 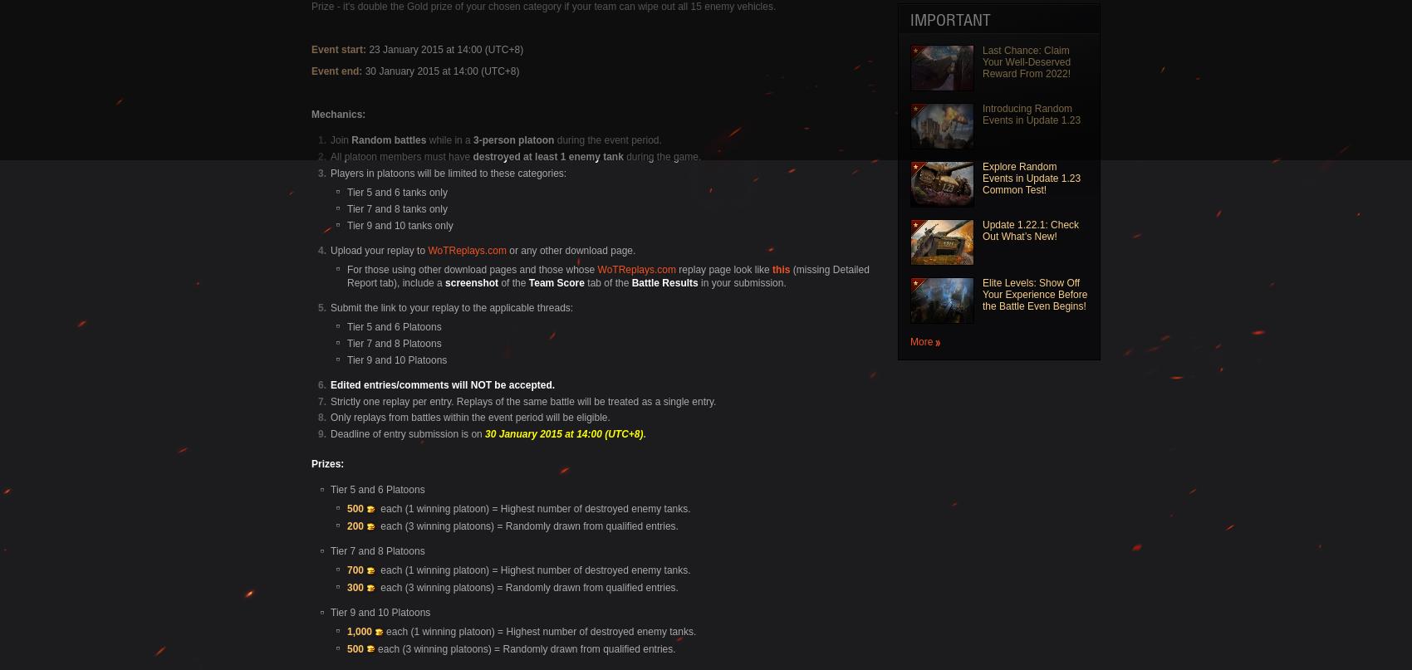 I want to click on 'For those using other download pages and those whose', so click(x=471, y=269).